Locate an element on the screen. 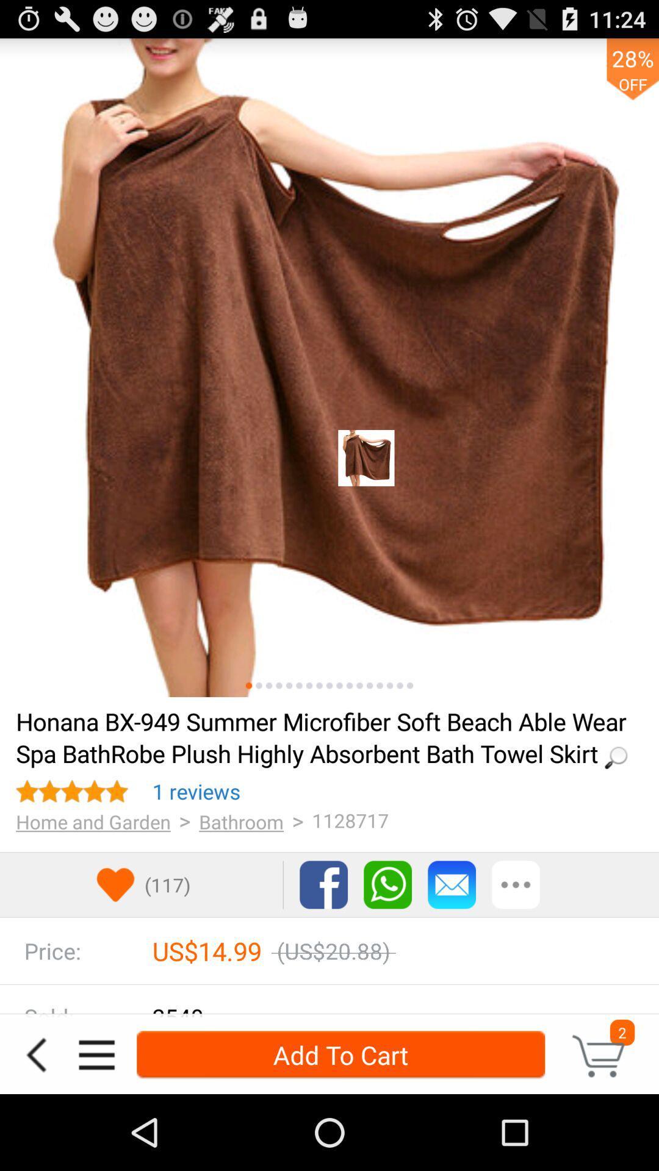  bathroom icon is located at coordinates (241, 822).